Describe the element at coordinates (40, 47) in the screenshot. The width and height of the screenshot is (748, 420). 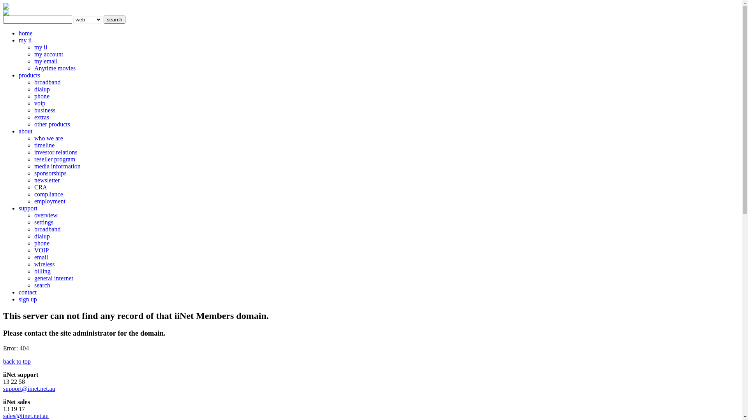
I see `'my ii'` at that location.